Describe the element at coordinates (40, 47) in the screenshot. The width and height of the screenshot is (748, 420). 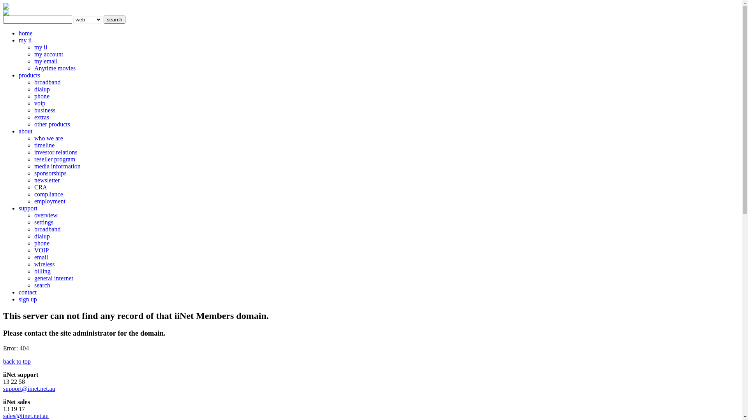
I see `'my ii'` at that location.